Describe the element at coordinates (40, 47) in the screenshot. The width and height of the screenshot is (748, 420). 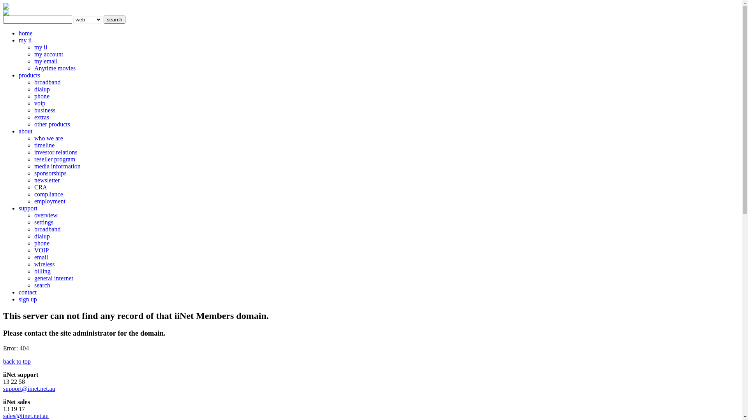
I see `'my ii'` at that location.